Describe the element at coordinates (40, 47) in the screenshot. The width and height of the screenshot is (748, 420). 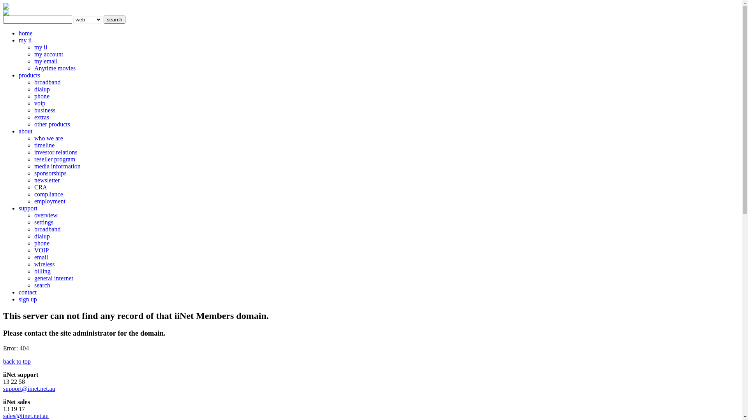
I see `'my ii'` at that location.